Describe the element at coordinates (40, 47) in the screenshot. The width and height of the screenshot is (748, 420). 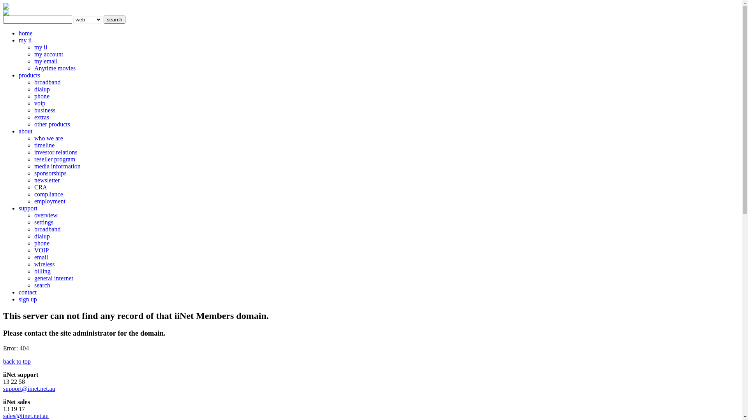
I see `'my ii'` at that location.